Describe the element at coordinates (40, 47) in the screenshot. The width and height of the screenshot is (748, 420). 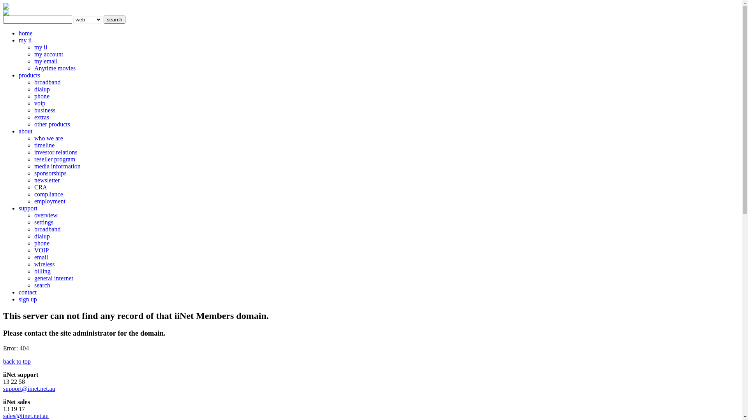
I see `'my ii'` at that location.